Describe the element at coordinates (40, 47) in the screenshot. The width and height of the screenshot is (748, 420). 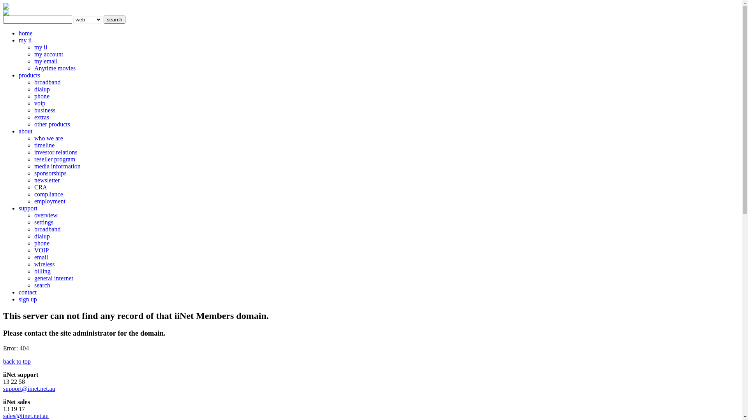
I see `'my ii'` at that location.